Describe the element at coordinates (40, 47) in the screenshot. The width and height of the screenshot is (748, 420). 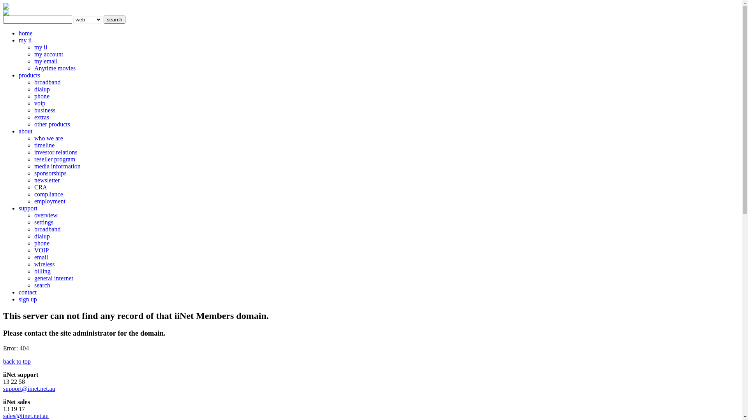
I see `'my ii'` at that location.